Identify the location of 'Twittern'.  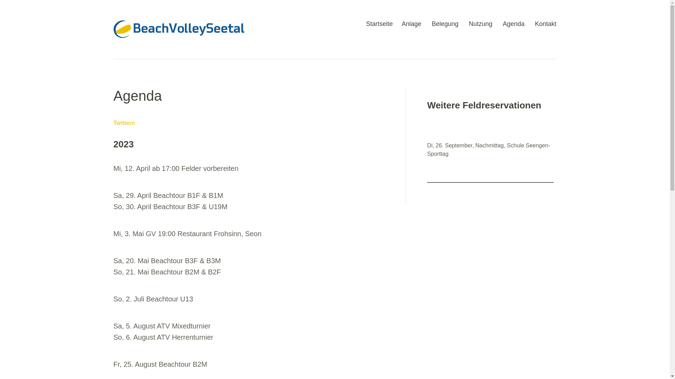
(113, 122).